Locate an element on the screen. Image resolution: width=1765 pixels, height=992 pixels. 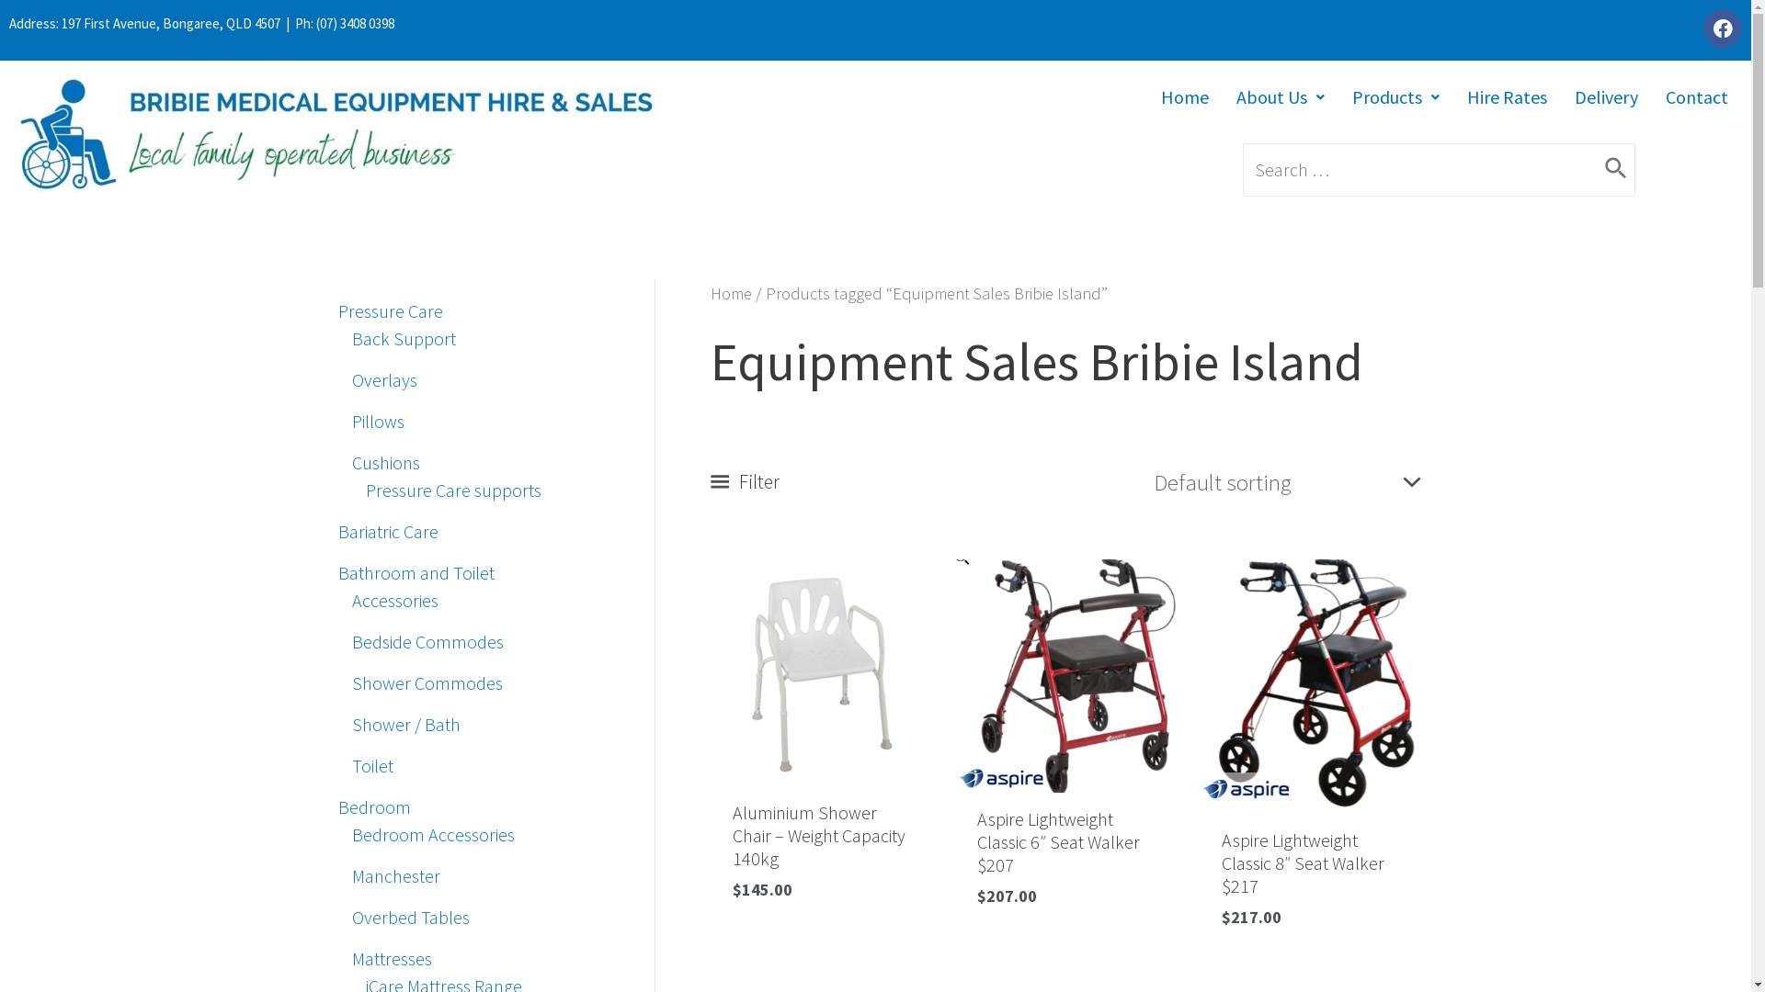
'Contact' is located at coordinates (1696, 96).